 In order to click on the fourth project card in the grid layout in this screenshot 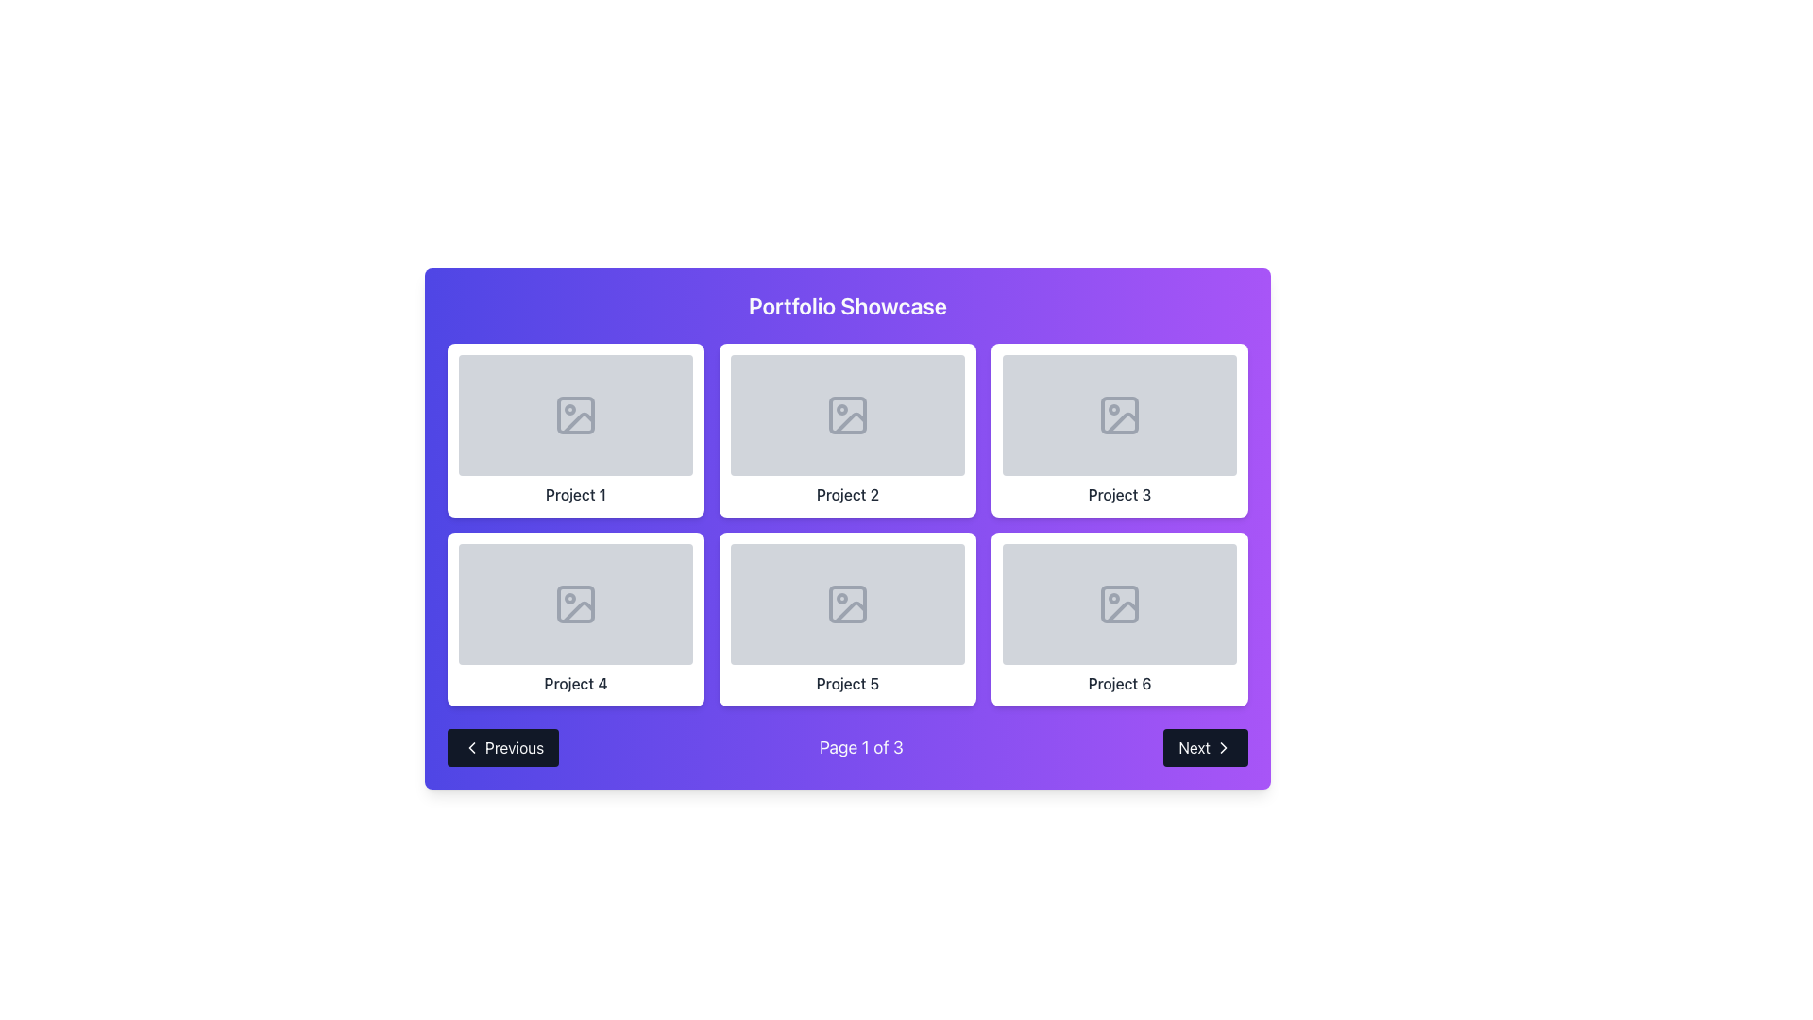, I will do `click(574, 619)`.